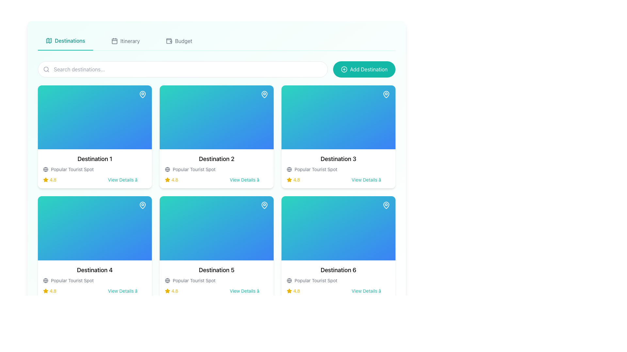 The image size is (627, 352). Describe the element at coordinates (46, 69) in the screenshot. I see `the search bar icon located at the left end inside the search bar area, which visually indicates the purpose of the input field` at that location.